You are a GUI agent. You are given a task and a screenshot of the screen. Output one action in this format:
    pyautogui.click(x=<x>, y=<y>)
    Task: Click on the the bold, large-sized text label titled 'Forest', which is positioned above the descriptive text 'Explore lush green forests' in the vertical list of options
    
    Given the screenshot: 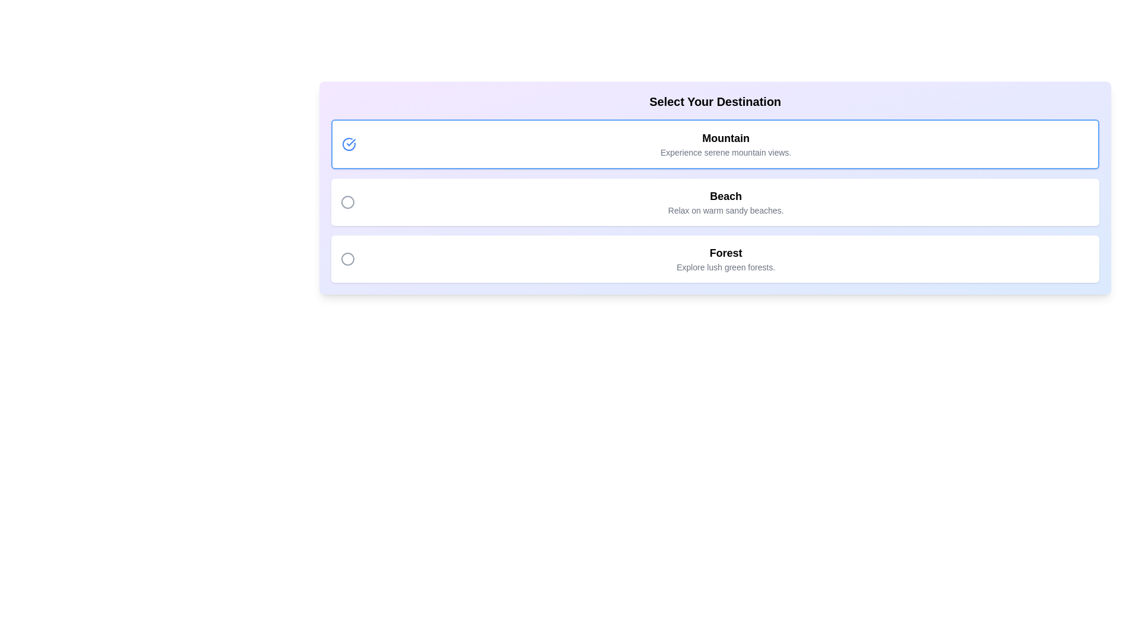 What is the action you would take?
    pyautogui.click(x=725, y=253)
    